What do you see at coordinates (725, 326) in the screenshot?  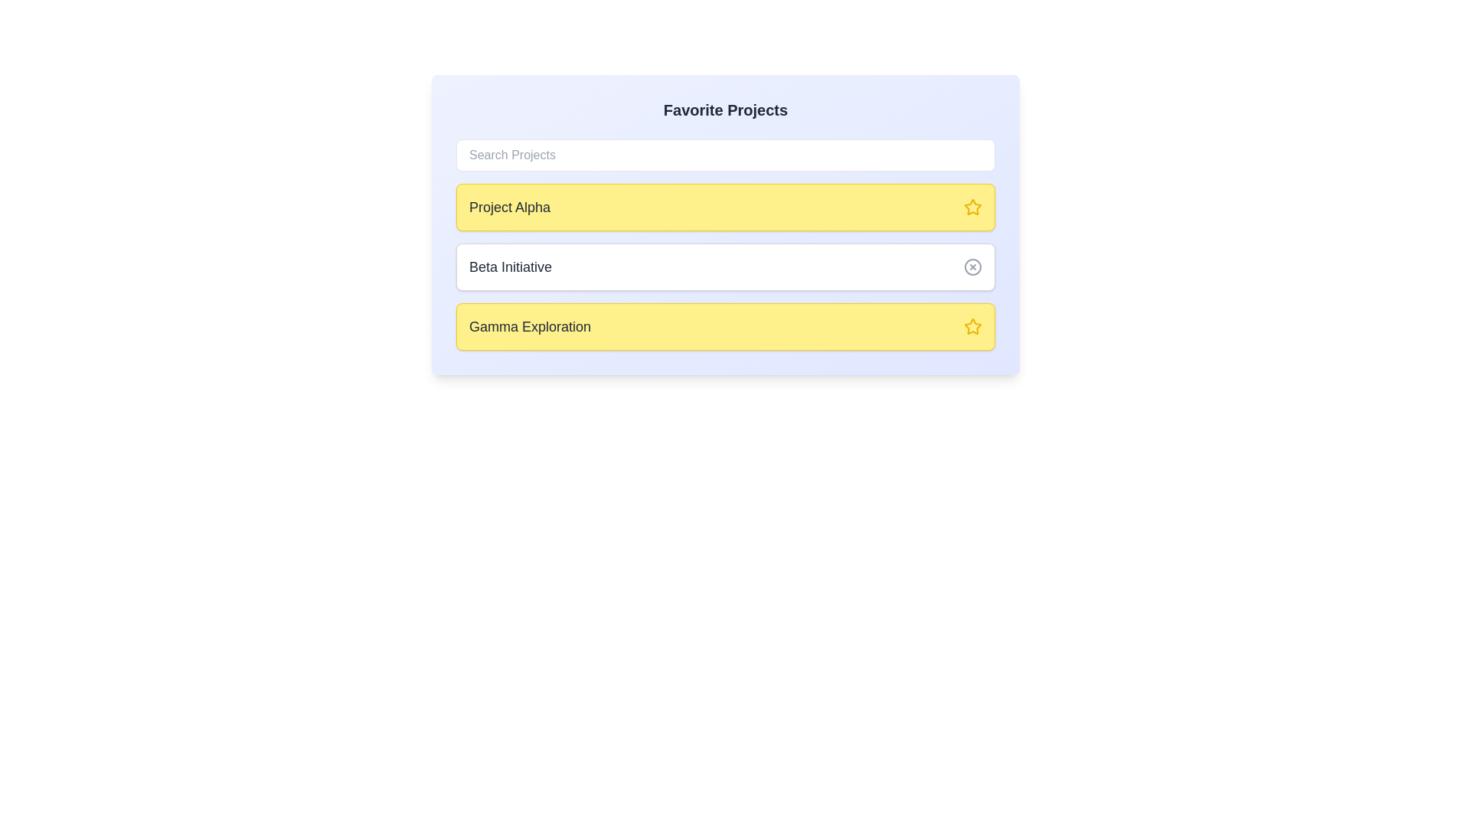 I see `the project card labeled Gamma Exploration` at bounding box center [725, 326].